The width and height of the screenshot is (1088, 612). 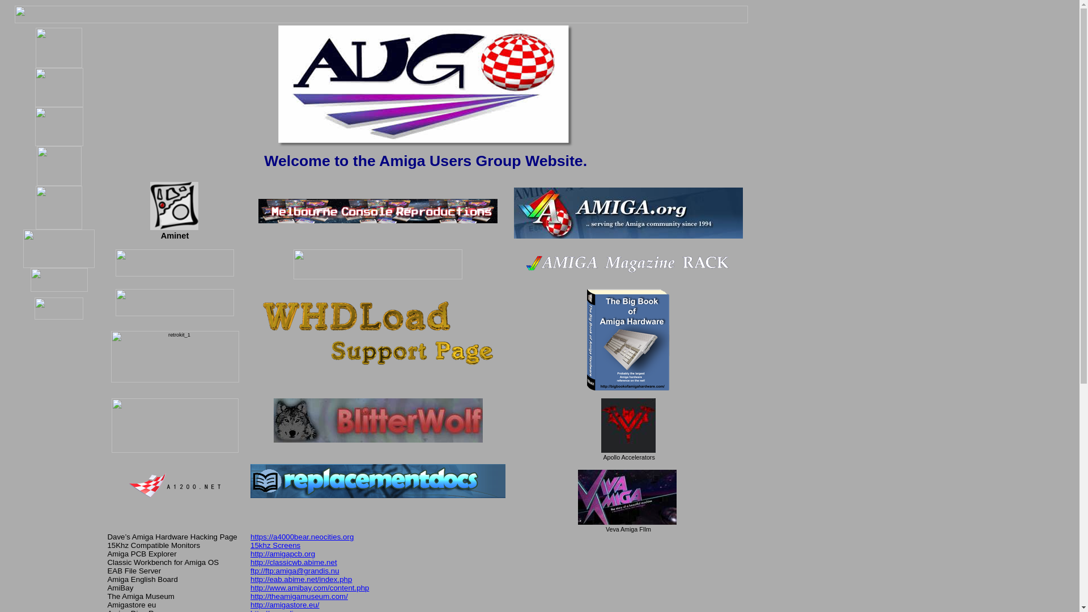 What do you see at coordinates (249, 587) in the screenshot?
I see `'http://www.amibay.com/content.php'` at bounding box center [249, 587].